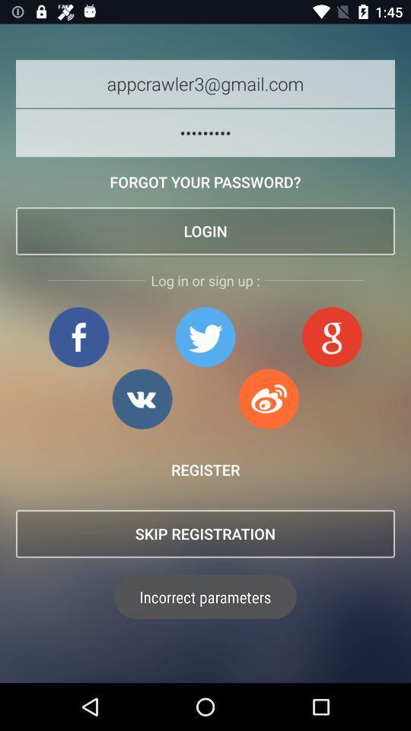 The image size is (411, 731). What do you see at coordinates (205, 337) in the screenshot?
I see `the twitter icon` at bounding box center [205, 337].